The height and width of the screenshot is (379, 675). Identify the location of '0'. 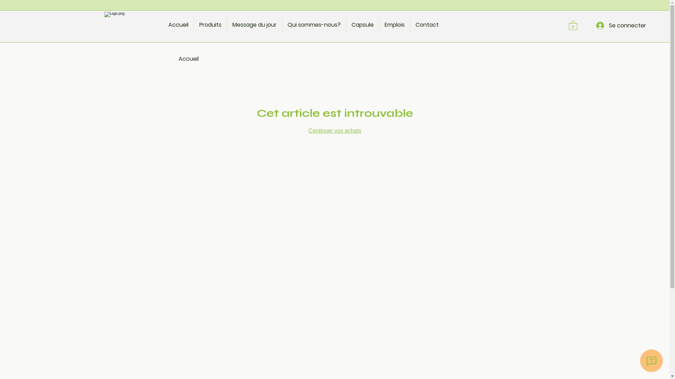
(573, 25).